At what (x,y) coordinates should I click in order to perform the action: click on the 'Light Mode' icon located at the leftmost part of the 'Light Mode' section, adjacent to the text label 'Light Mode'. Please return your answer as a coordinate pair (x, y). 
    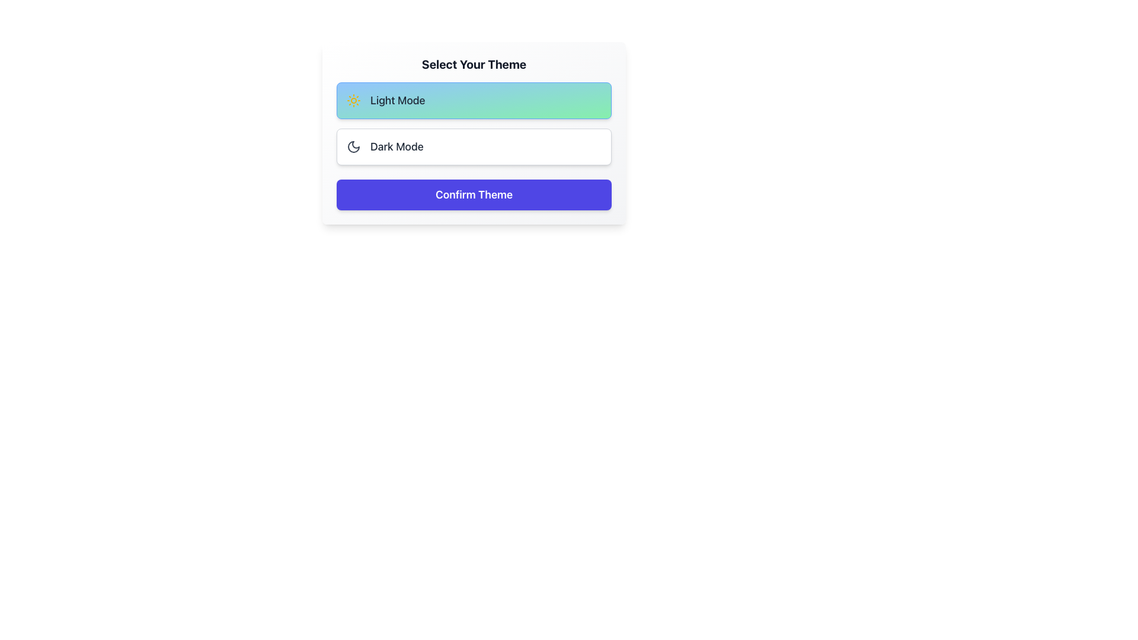
    Looking at the image, I should click on (353, 100).